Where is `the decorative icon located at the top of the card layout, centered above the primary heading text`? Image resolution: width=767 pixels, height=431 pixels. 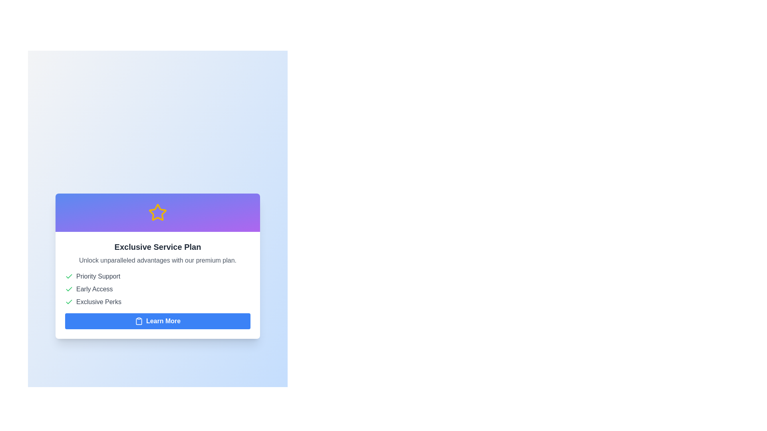 the decorative icon located at the top of the card layout, centered above the primary heading text is located at coordinates (157, 212).